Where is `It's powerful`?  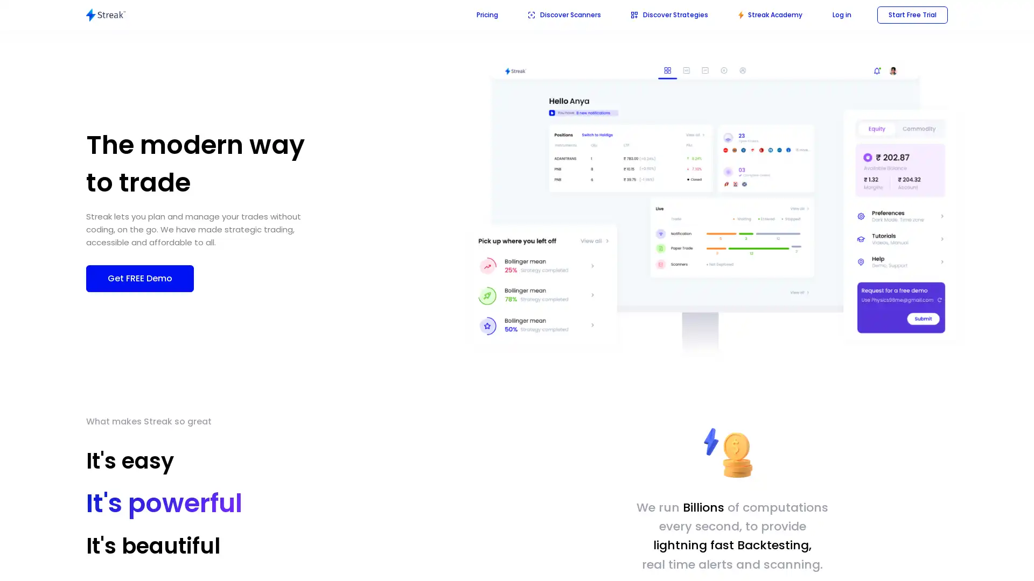
It's powerful is located at coordinates (151, 499).